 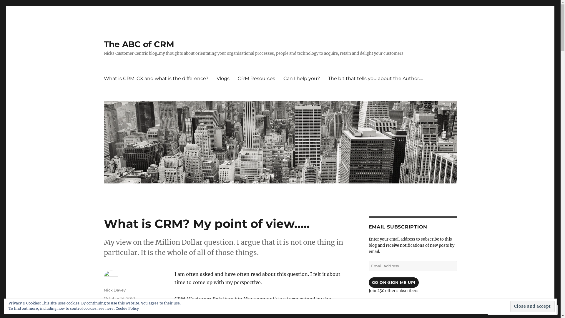 What do you see at coordinates (256, 78) in the screenshot?
I see `'CRM Resources'` at bounding box center [256, 78].